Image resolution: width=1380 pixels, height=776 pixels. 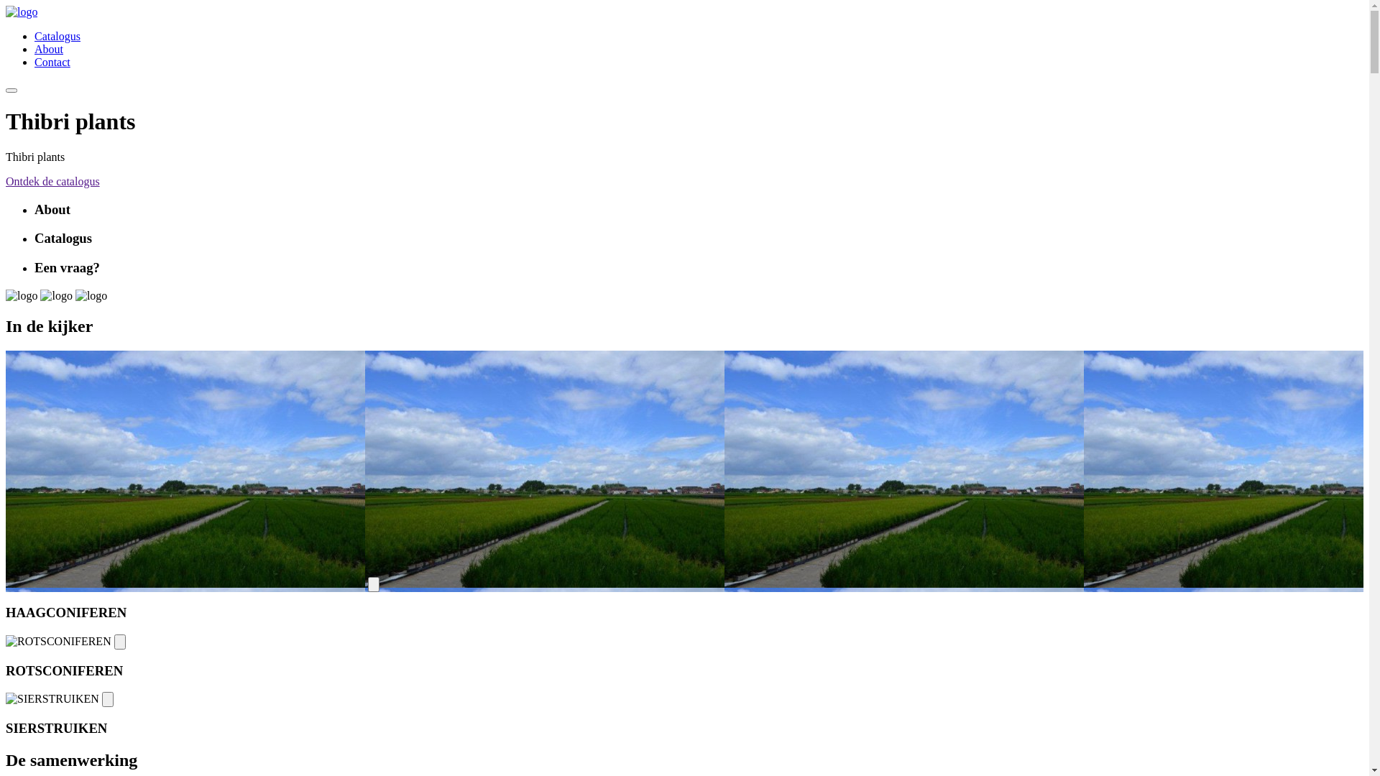 I want to click on 'About', so click(x=48, y=48).